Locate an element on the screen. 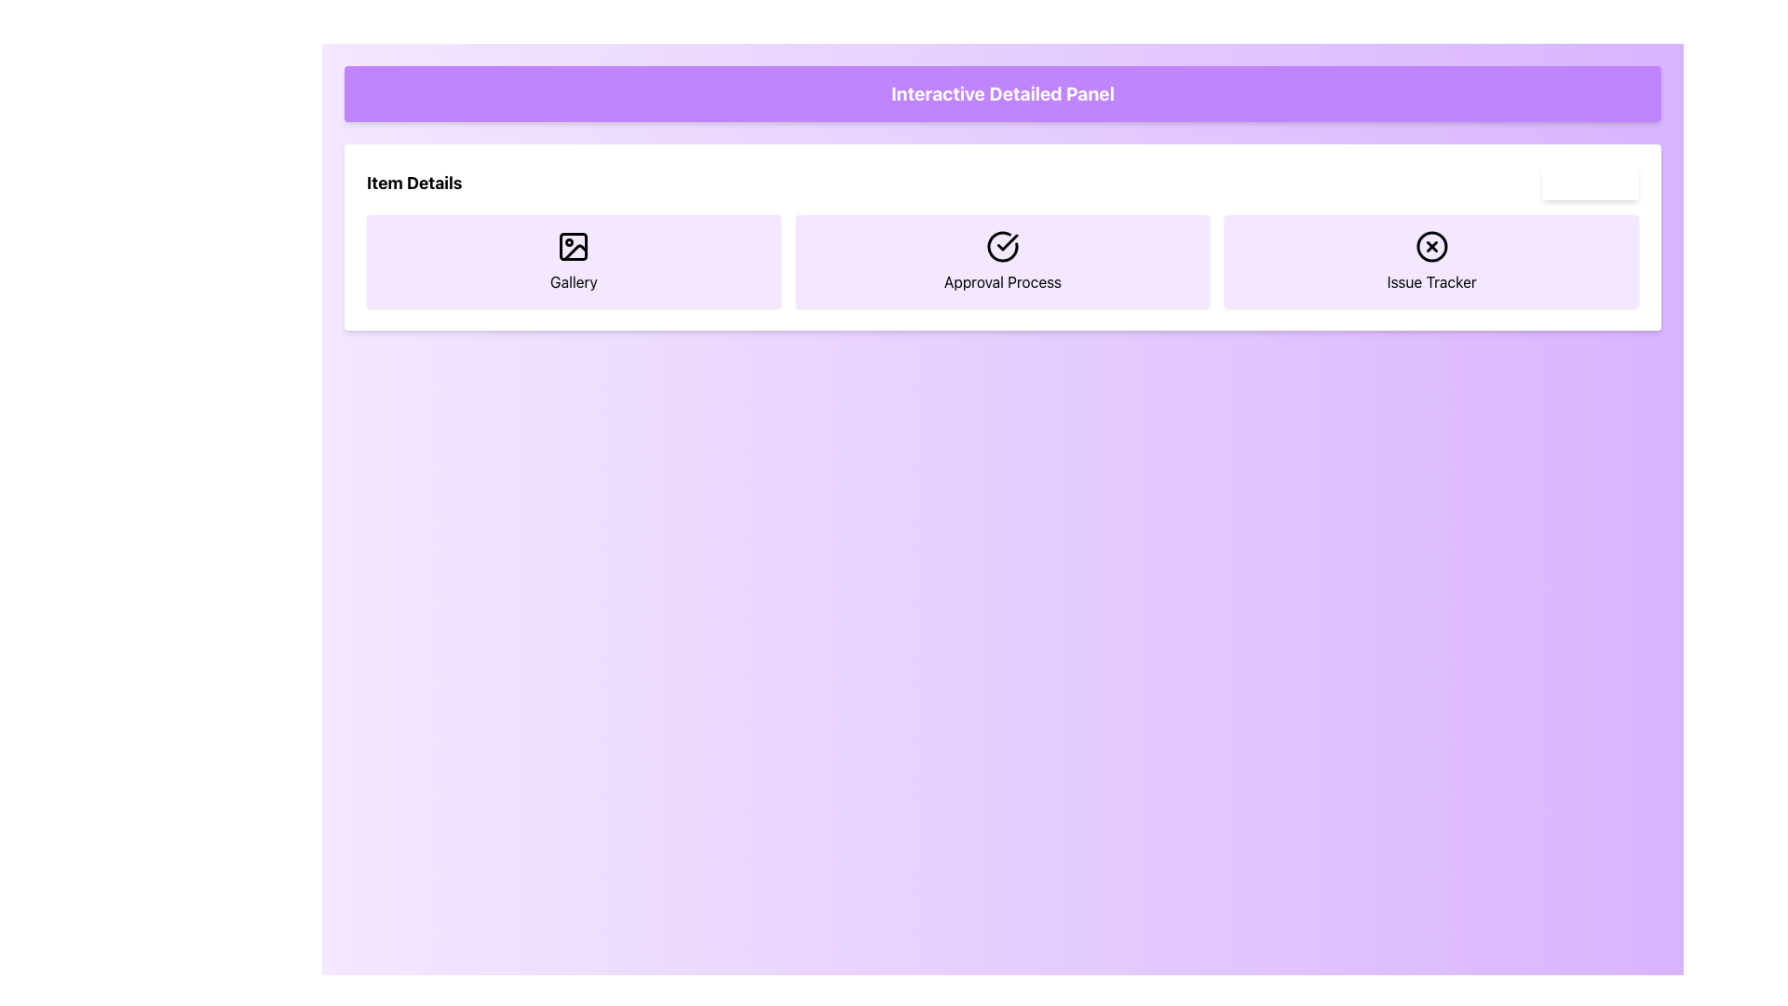 Image resolution: width=1788 pixels, height=1006 pixels. the checkmark icon within the 'Approval Process' card in the 'Item Details' section is located at coordinates (1007, 241).